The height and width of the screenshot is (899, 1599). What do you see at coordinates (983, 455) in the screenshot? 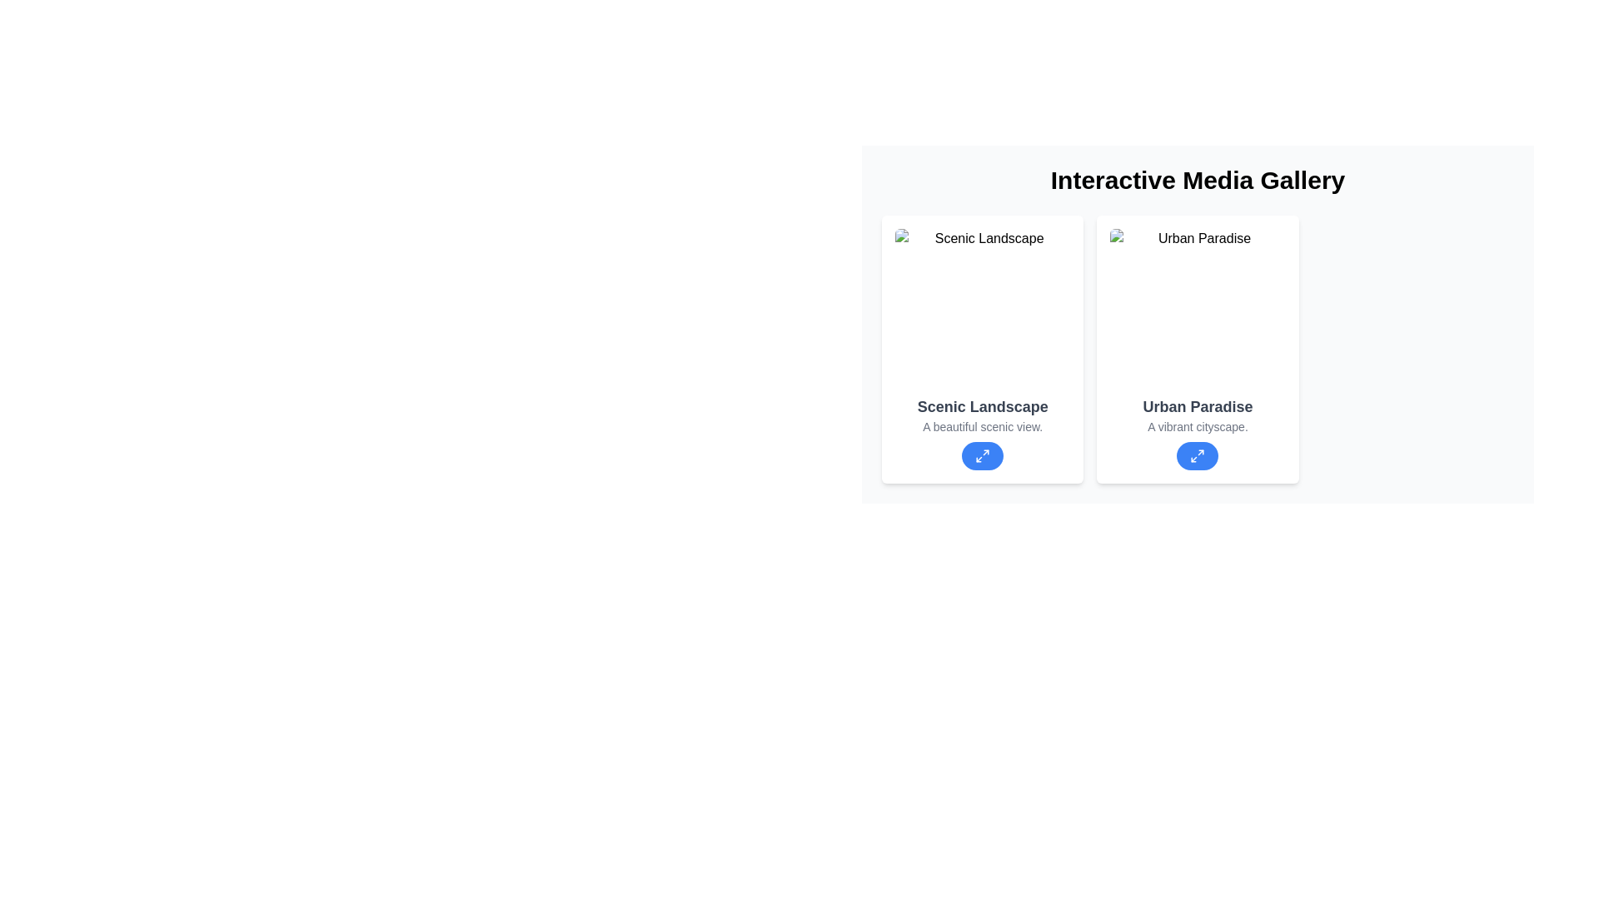
I see `the button located in the bottom section of the 'Scenic Landscape' card, beneath the text 'A beautiful scenic view,' to trigger the hover effect` at bounding box center [983, 455].